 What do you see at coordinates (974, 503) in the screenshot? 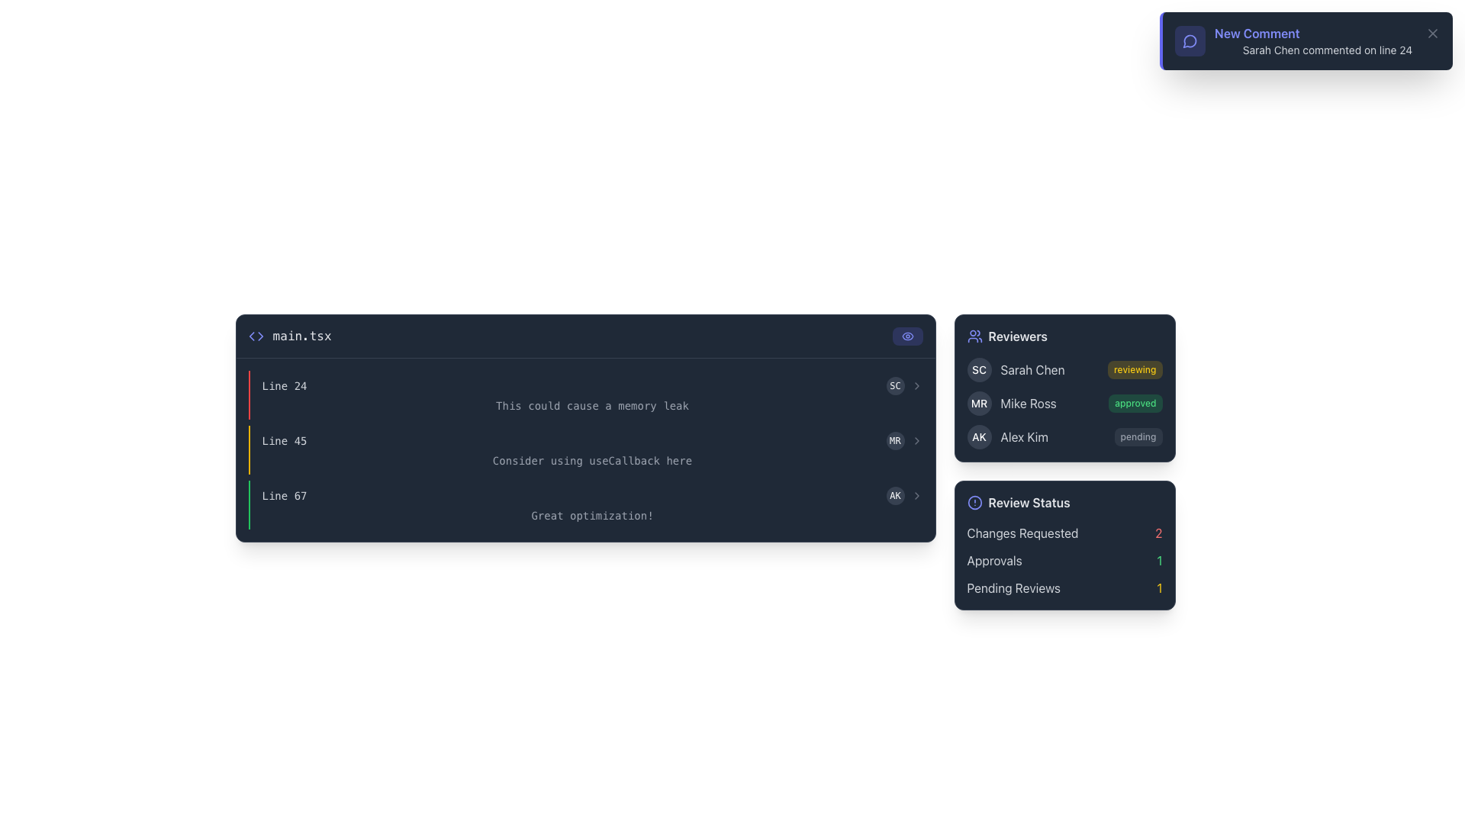
I see `the alert icon located in the 'Review Status' section on the lower right-hand side of the interface, positioned to the left of the corresponding text` at bounding box center [974, 503].